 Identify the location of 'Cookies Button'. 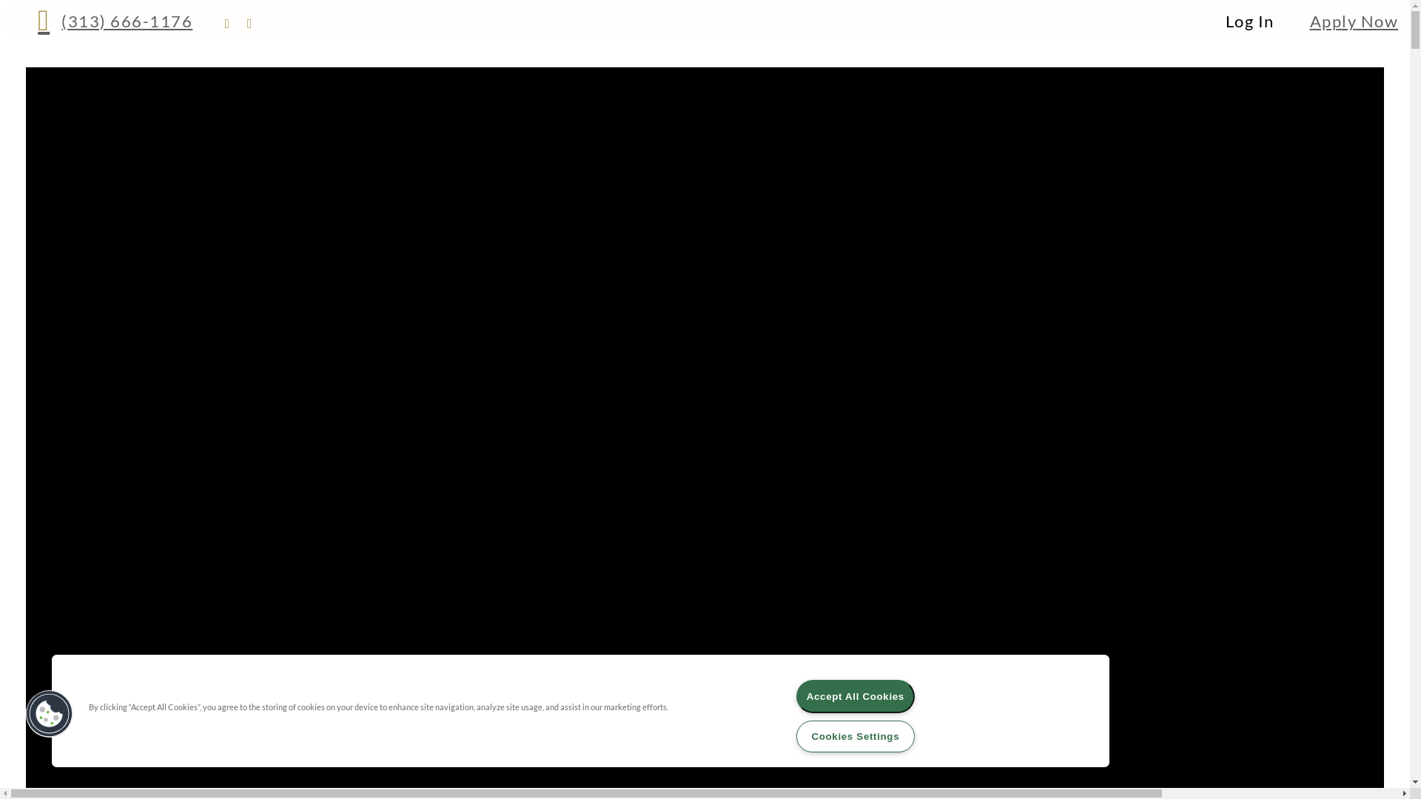
(50, 712).